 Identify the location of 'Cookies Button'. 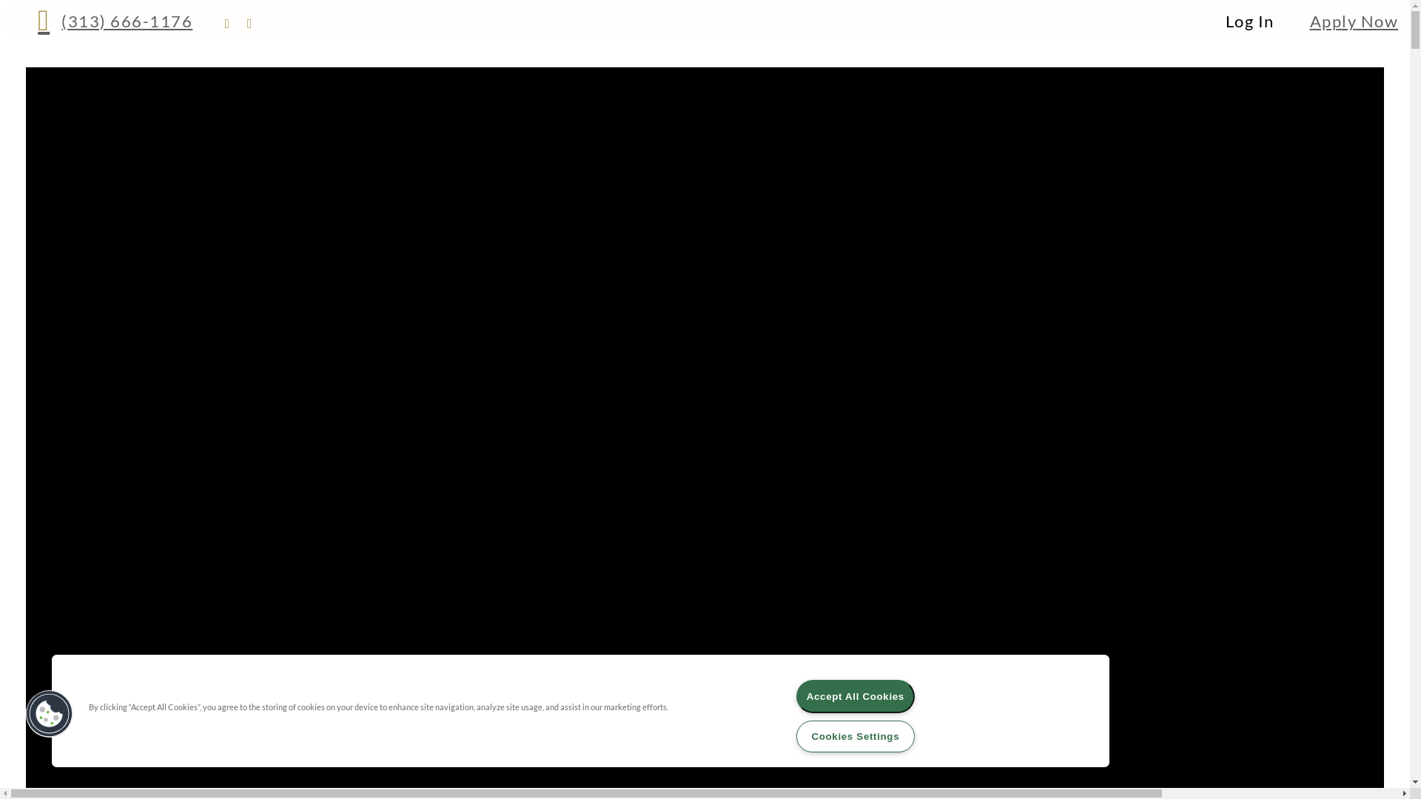
(50, 712).